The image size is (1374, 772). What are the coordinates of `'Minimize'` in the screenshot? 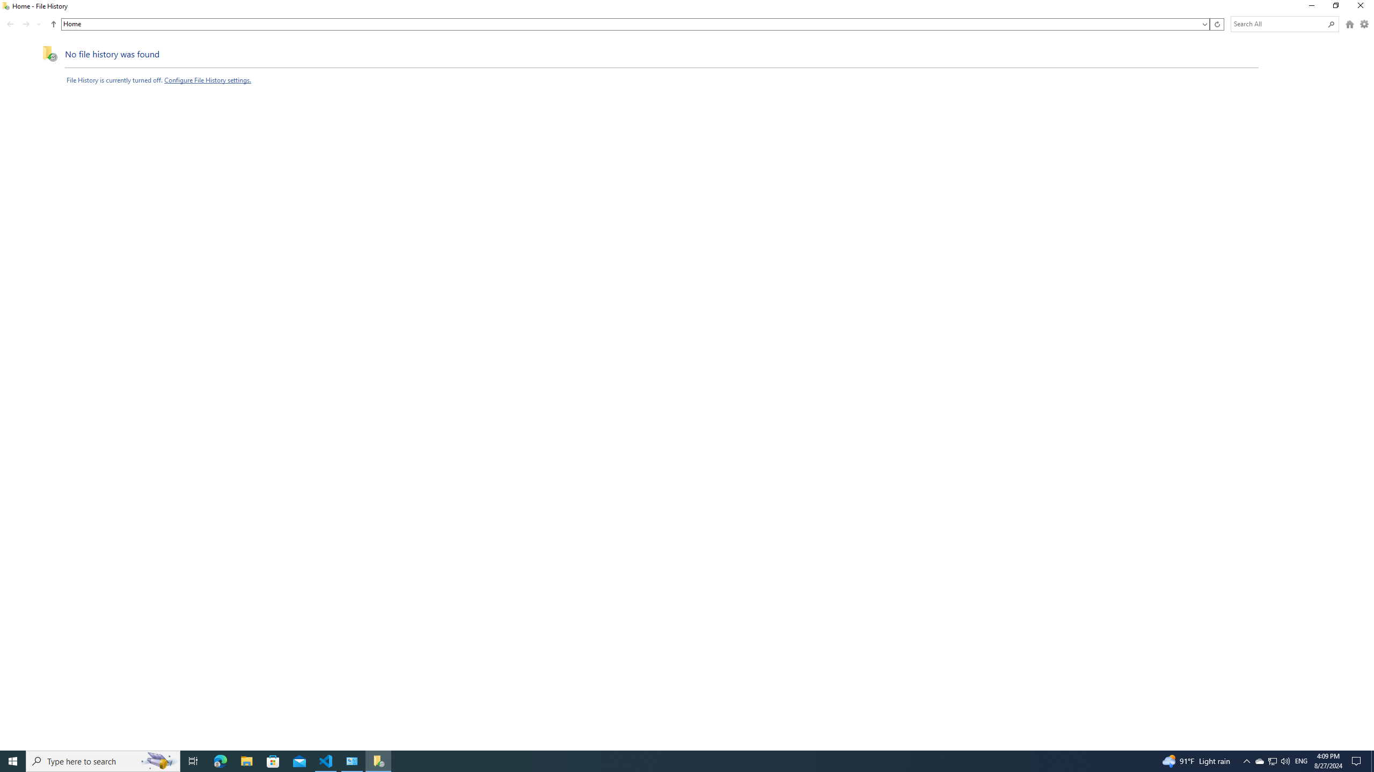 It's located at (1310, 8).